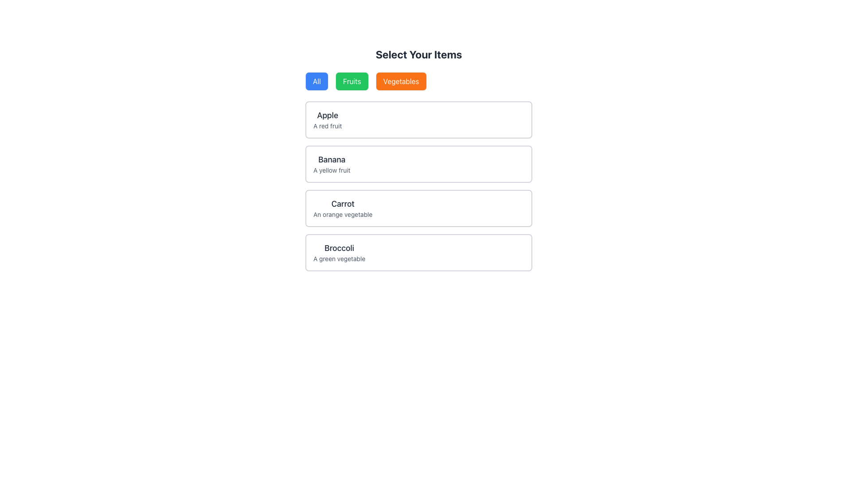 The image size is (851, 478). I want to click on the text label displaying 'Carrot', which is the top text within the third item of a vertical list, above the description 'An orange vegetable', so click(342, 204).